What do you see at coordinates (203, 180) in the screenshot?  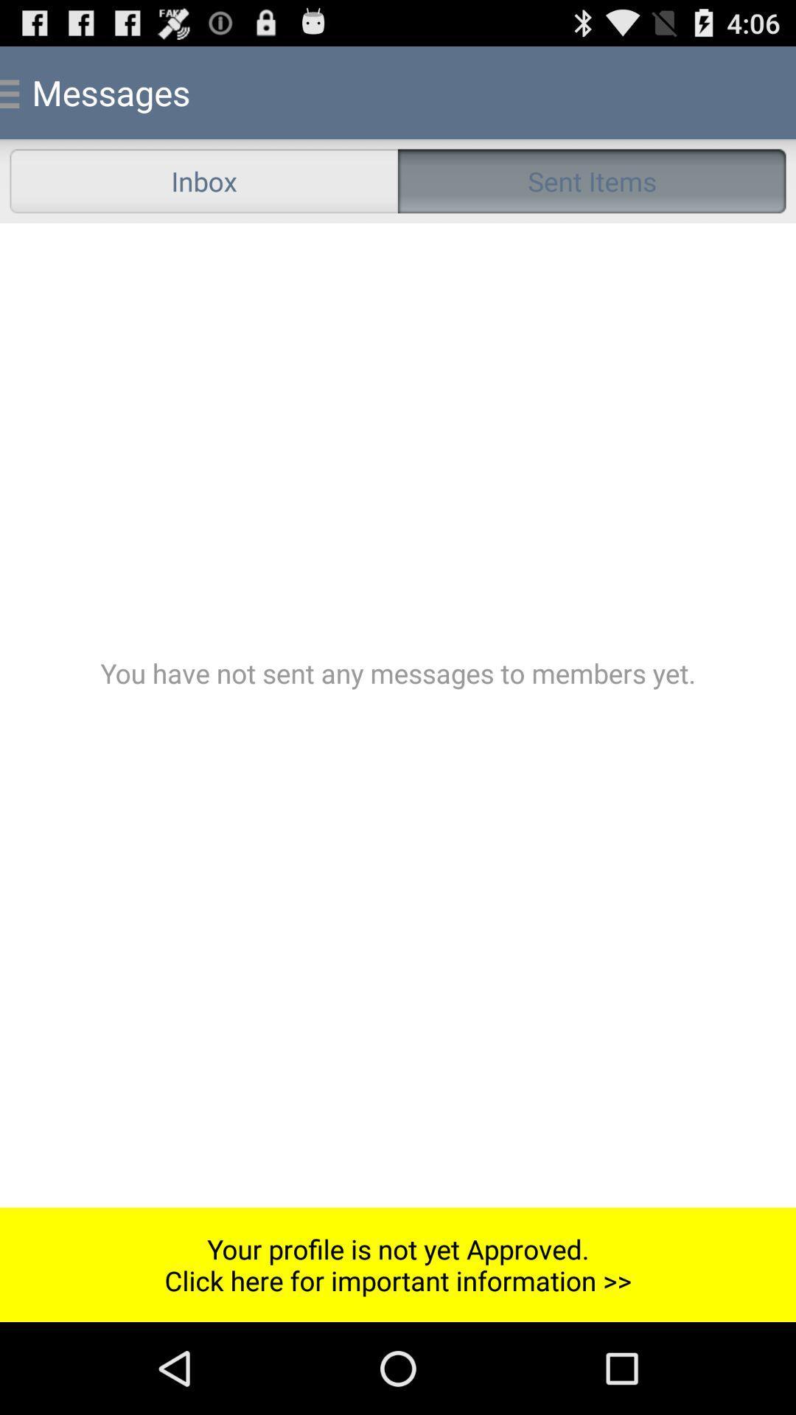 I see `inbox` at bounding box center [203, 180].